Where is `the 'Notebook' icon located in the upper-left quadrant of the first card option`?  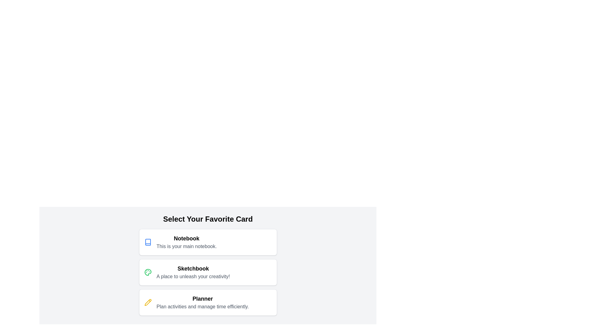 the 'Notebook' icon located in the upper-left quadrant of the first card option is located at coordinates (148, 242).